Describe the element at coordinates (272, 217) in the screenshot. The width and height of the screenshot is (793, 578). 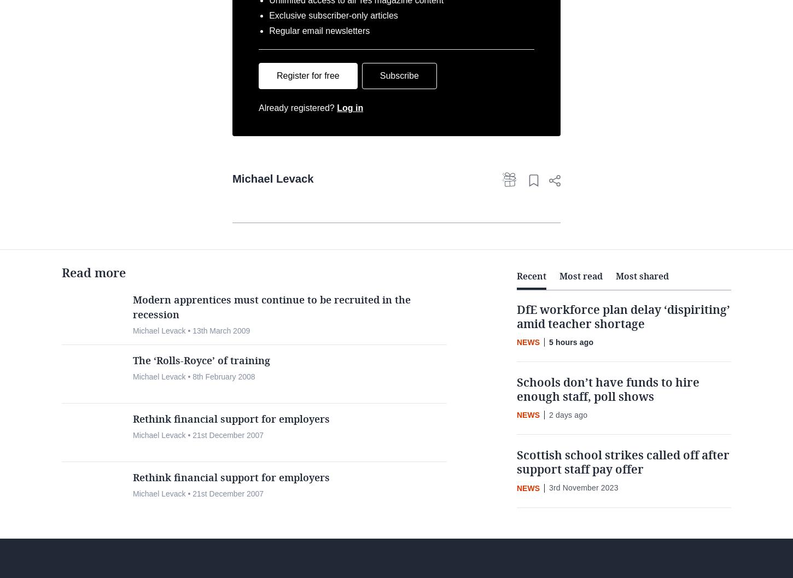
I see `'Michael Levack'` at that location.